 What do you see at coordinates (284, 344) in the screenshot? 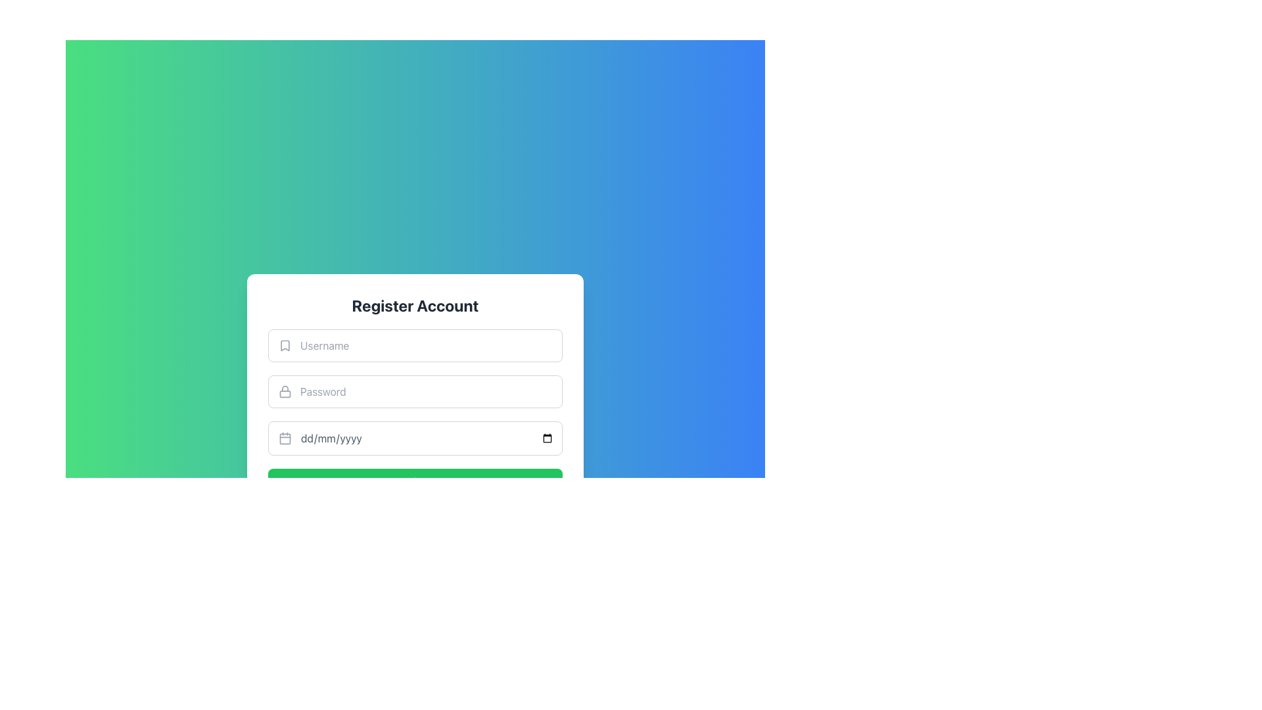
I see `the bookmark icon located within the username input field, aligned to the left side of the field, just before the placeholder text` at bounding box center [284, 344].